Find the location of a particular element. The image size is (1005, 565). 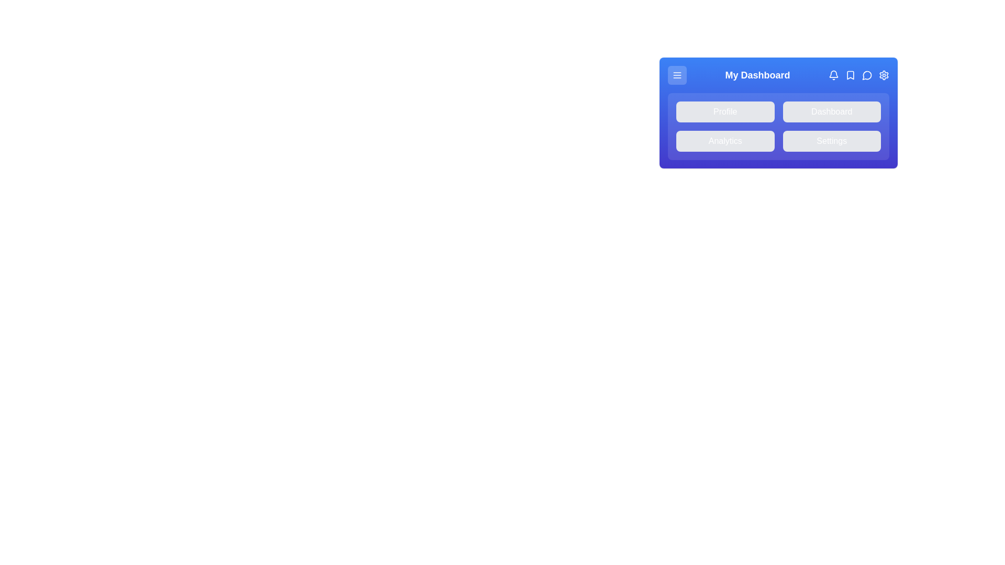

the 'Profile' button in the menu is located at coordinates (724, 111).